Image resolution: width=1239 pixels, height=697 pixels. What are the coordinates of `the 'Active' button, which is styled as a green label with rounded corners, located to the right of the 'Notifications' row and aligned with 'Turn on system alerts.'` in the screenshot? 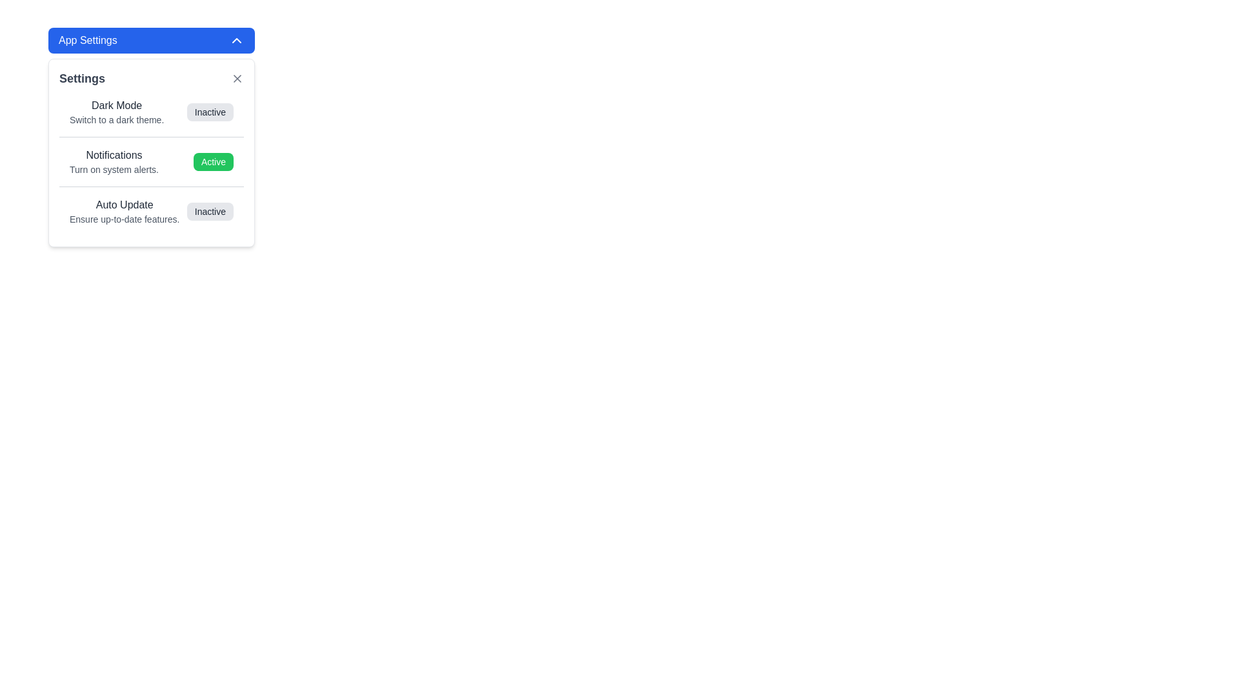 It's located at (214, 161).